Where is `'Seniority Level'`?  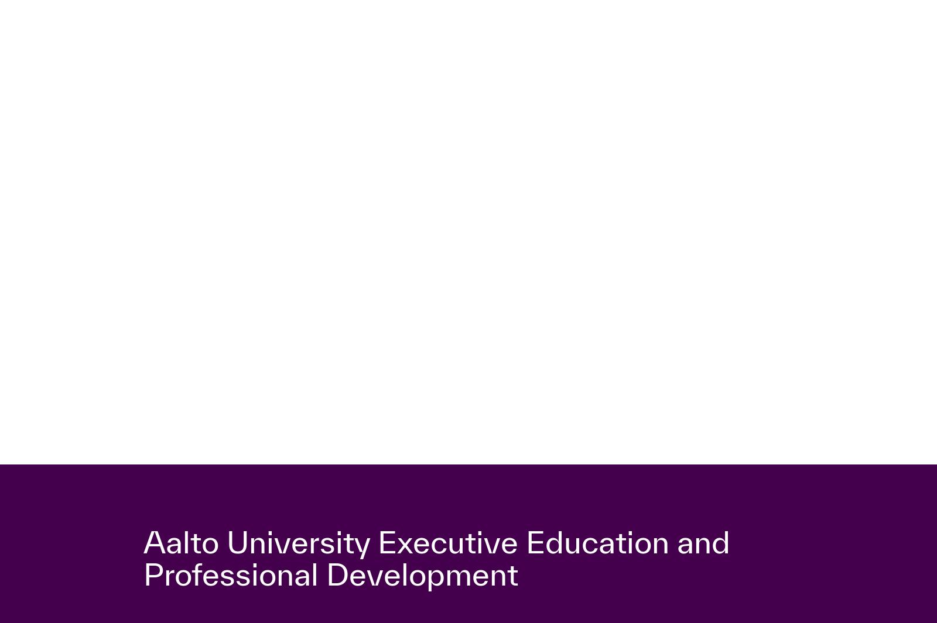
'Seniority Level' is located at coordinates (511, 438).